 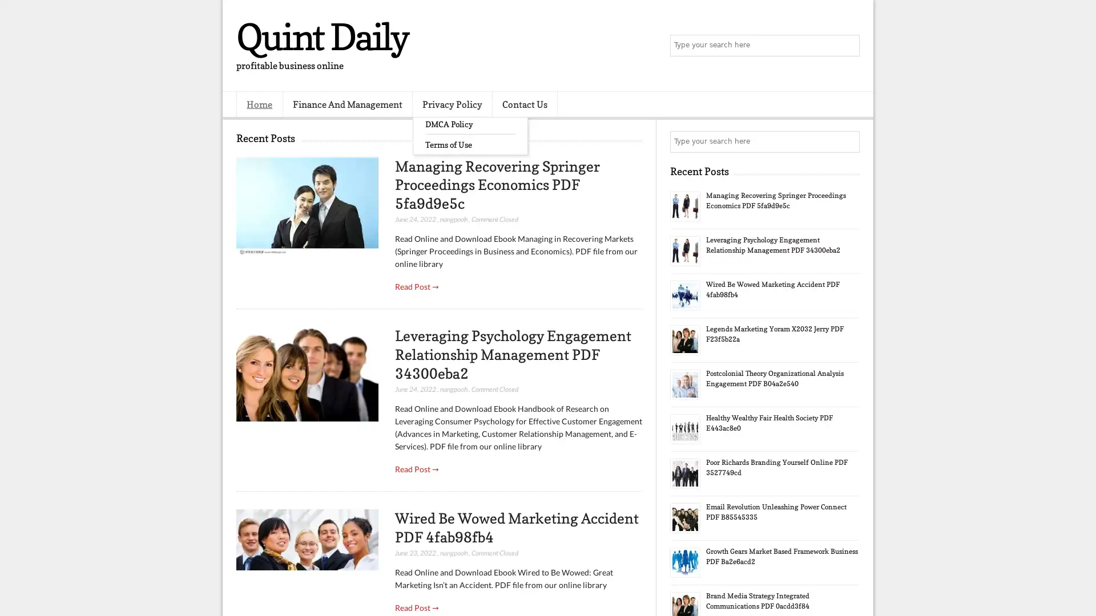 I want to click on Search, so click(x=848, y=46).